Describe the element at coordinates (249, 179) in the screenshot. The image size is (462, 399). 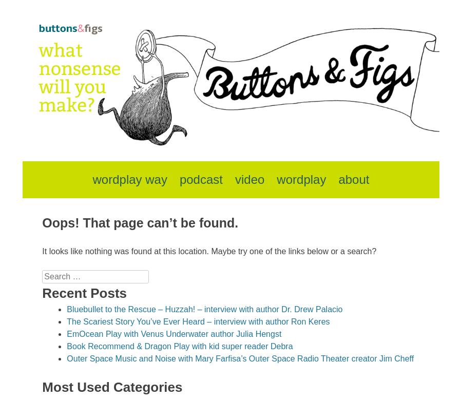
I see `'video'` at that location.